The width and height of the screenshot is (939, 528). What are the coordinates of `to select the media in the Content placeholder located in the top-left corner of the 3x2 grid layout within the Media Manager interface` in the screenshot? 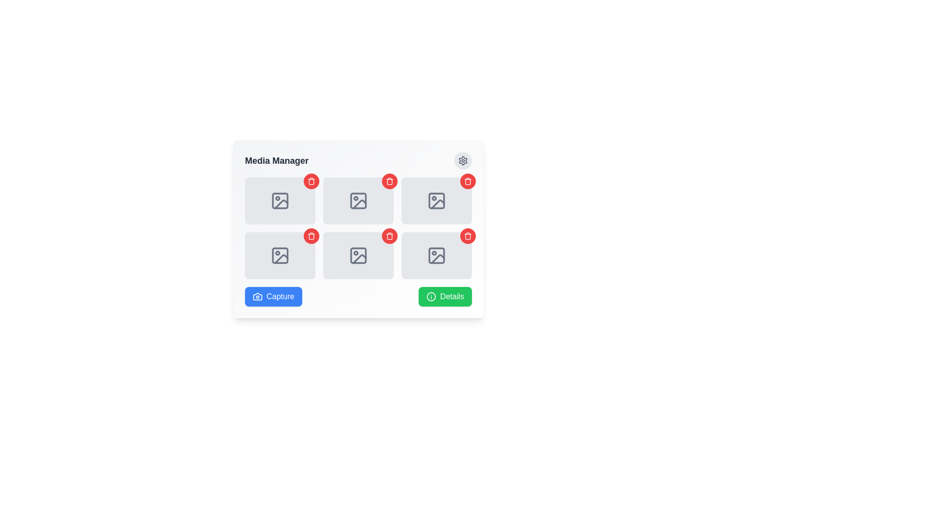 It's located at (279, 200).